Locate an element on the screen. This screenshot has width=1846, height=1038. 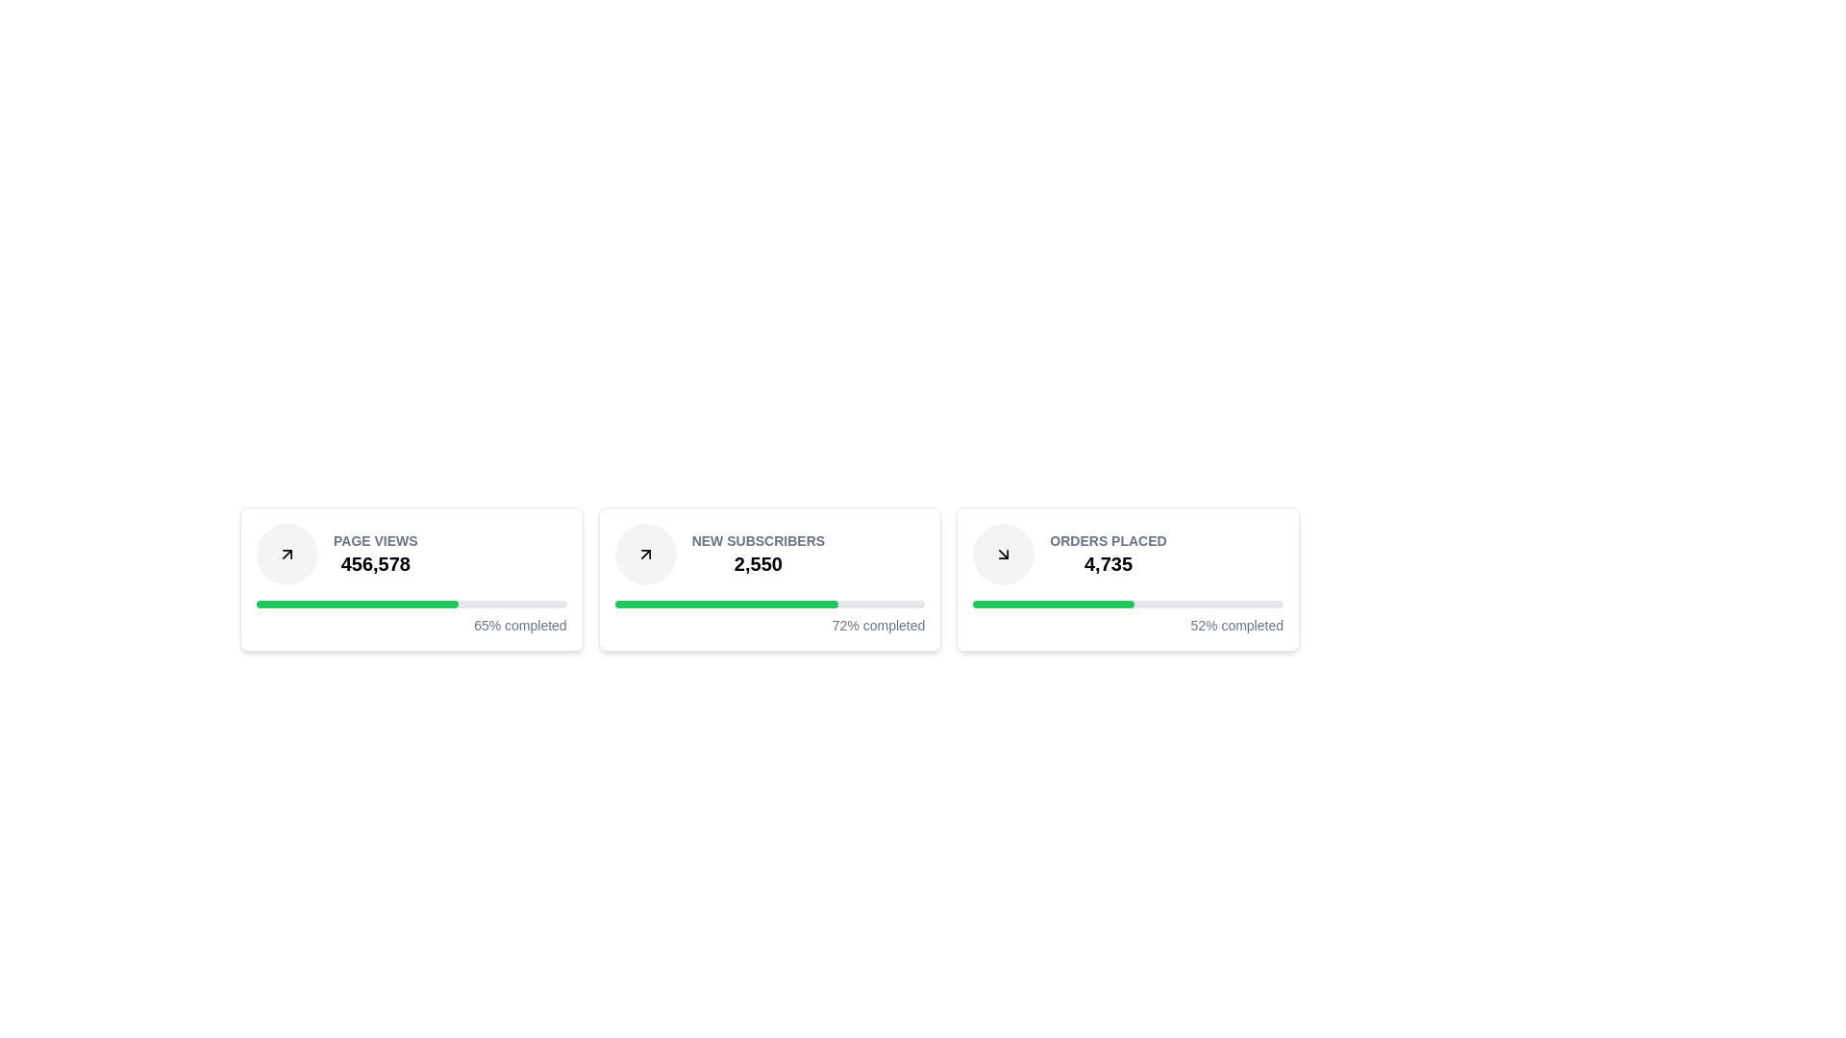
the progress bar indicating 65% completion of the 'Page Views' metric, located in the leftmost card of the layout is located at coordinates (357, 603).